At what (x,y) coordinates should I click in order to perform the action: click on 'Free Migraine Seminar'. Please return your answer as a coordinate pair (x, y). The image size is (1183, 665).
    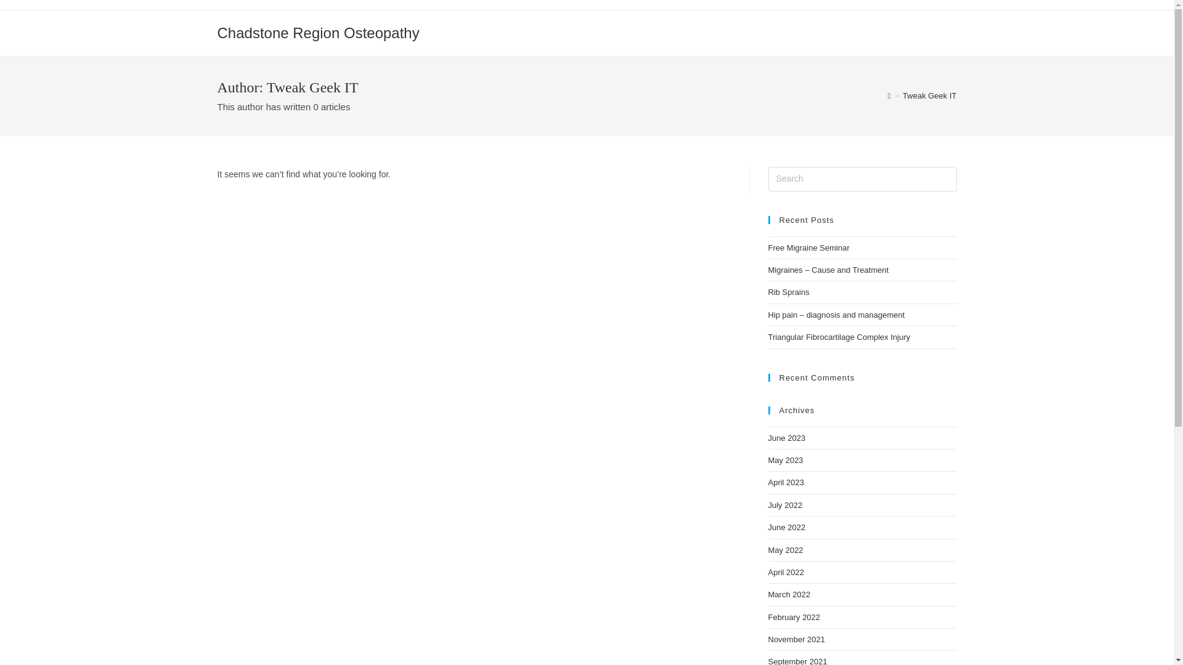
    Looking at the image, I should click on (808, 248).